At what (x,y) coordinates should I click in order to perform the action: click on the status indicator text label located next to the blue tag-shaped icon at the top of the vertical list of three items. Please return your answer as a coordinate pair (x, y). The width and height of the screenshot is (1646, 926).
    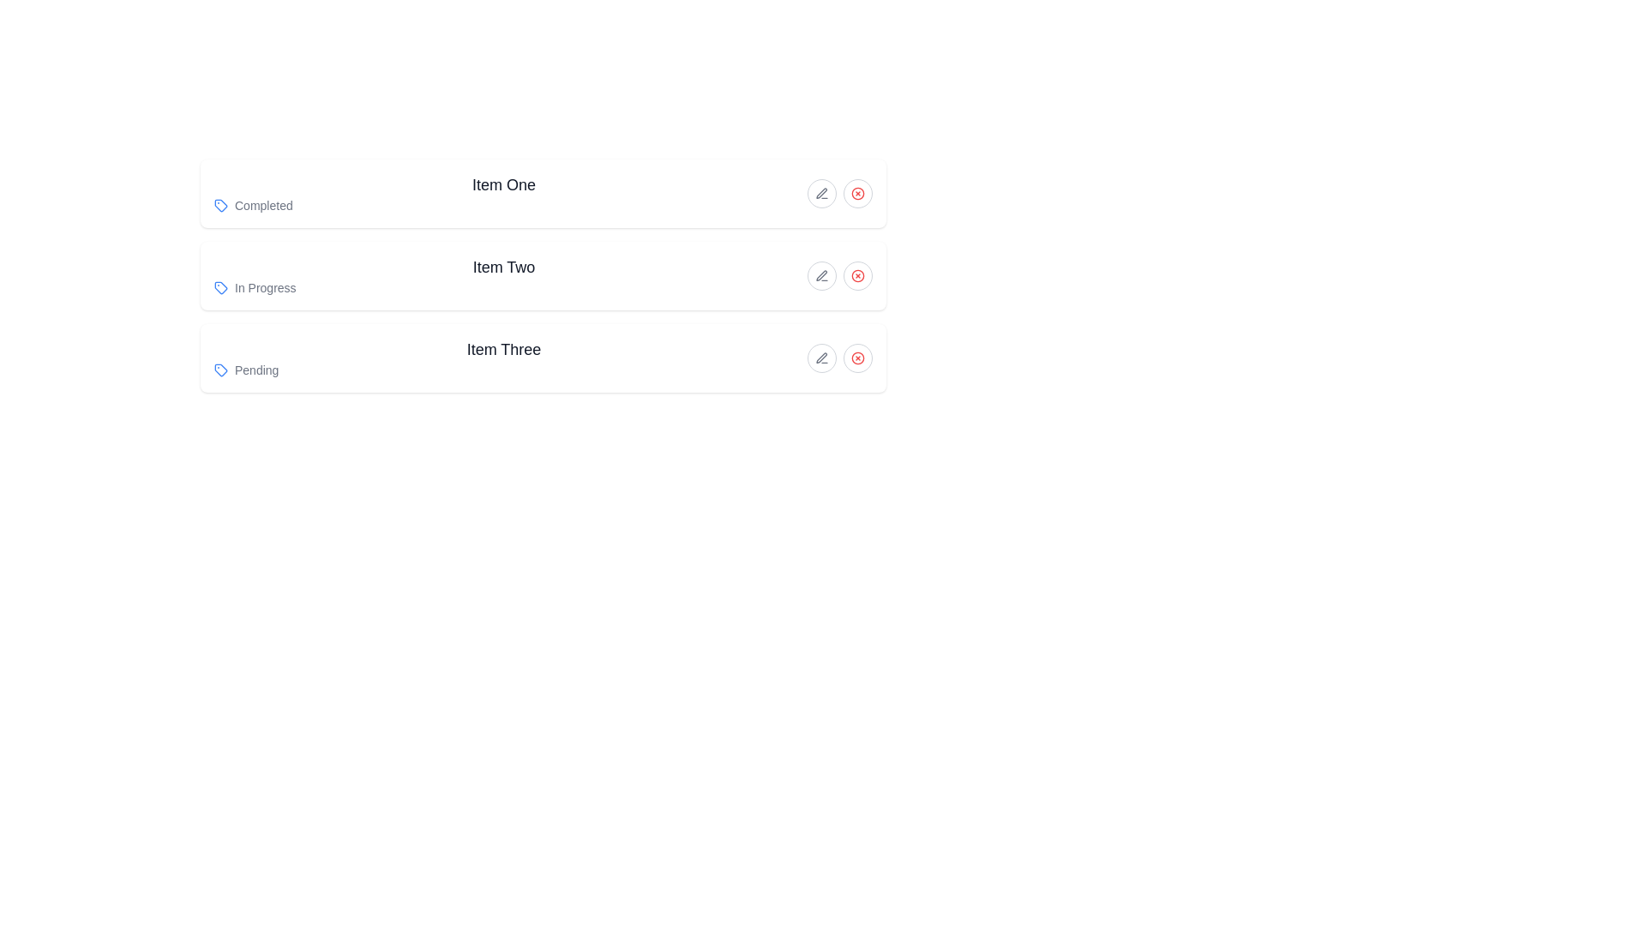
    Looking at the image, I should click on (262, 204).